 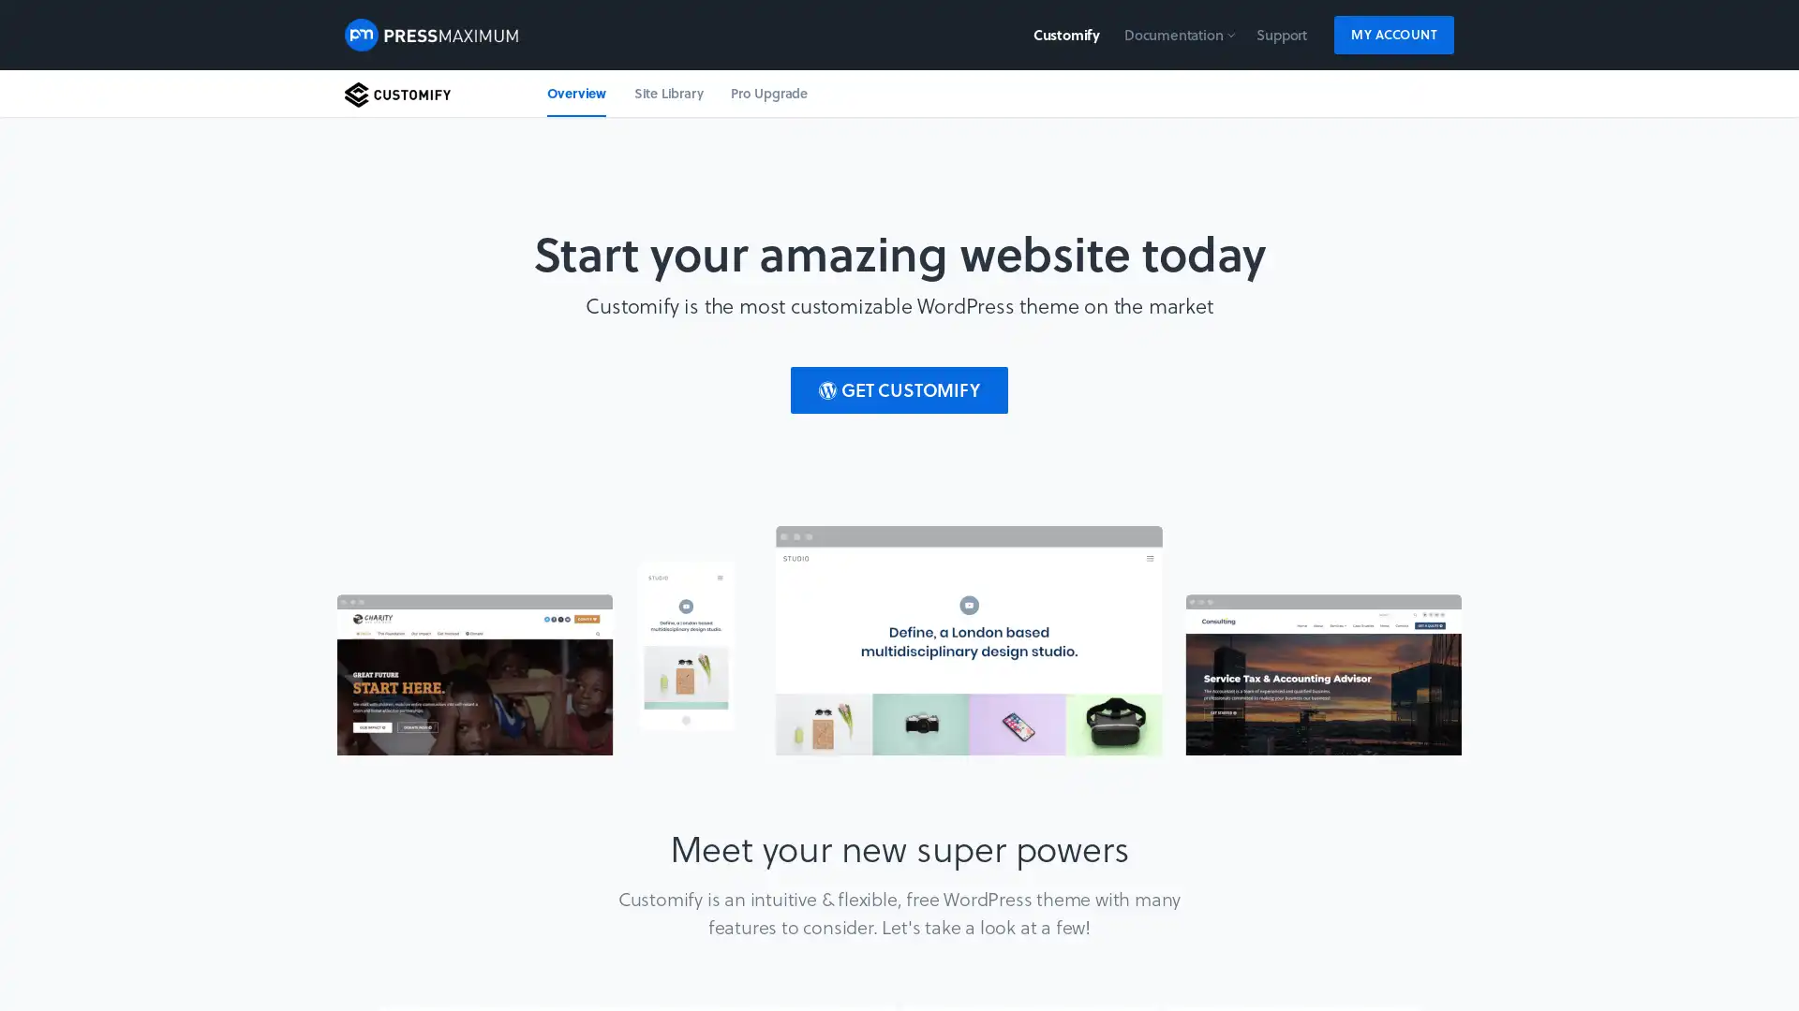 What do you see at coordinates (898, 388) in the screenshot?
I see `GET CUSTOMIFY` at bounding box center [898, 388].